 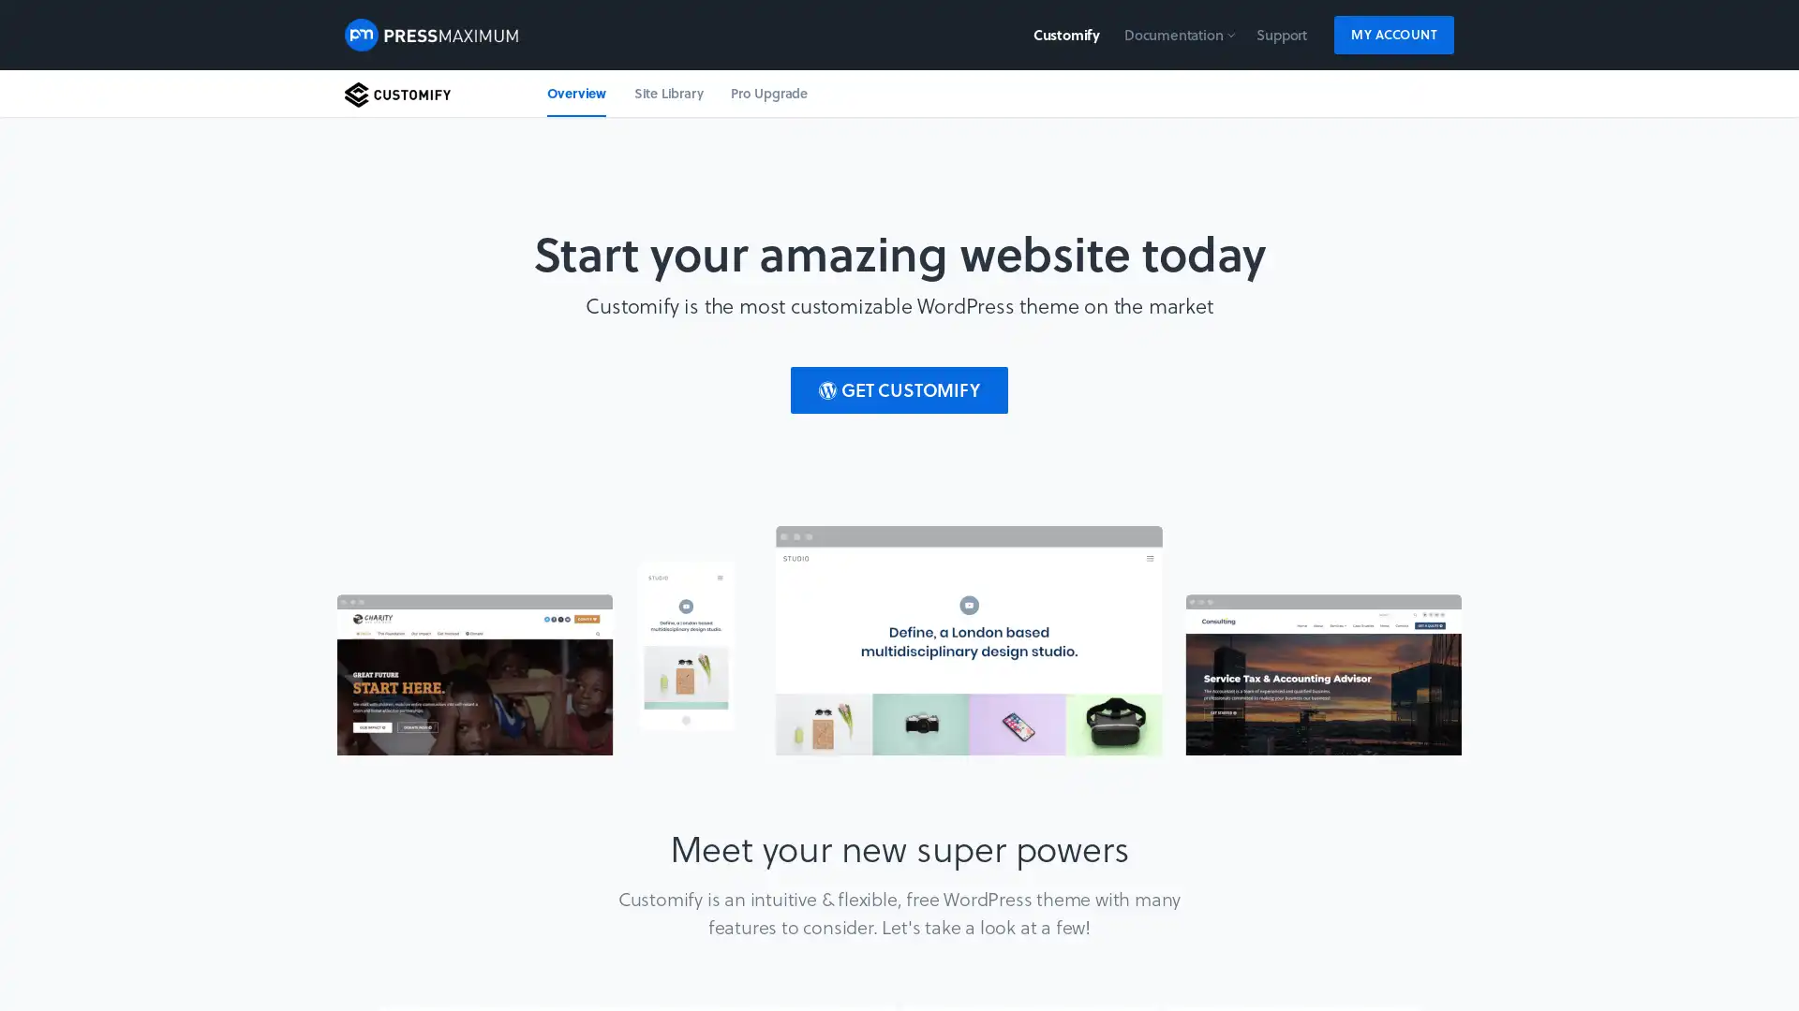 What do you see at coordinates (898, 388) in the screenshot?
I see `GET CUSTOMIFY` at bounding box center [898, 388].